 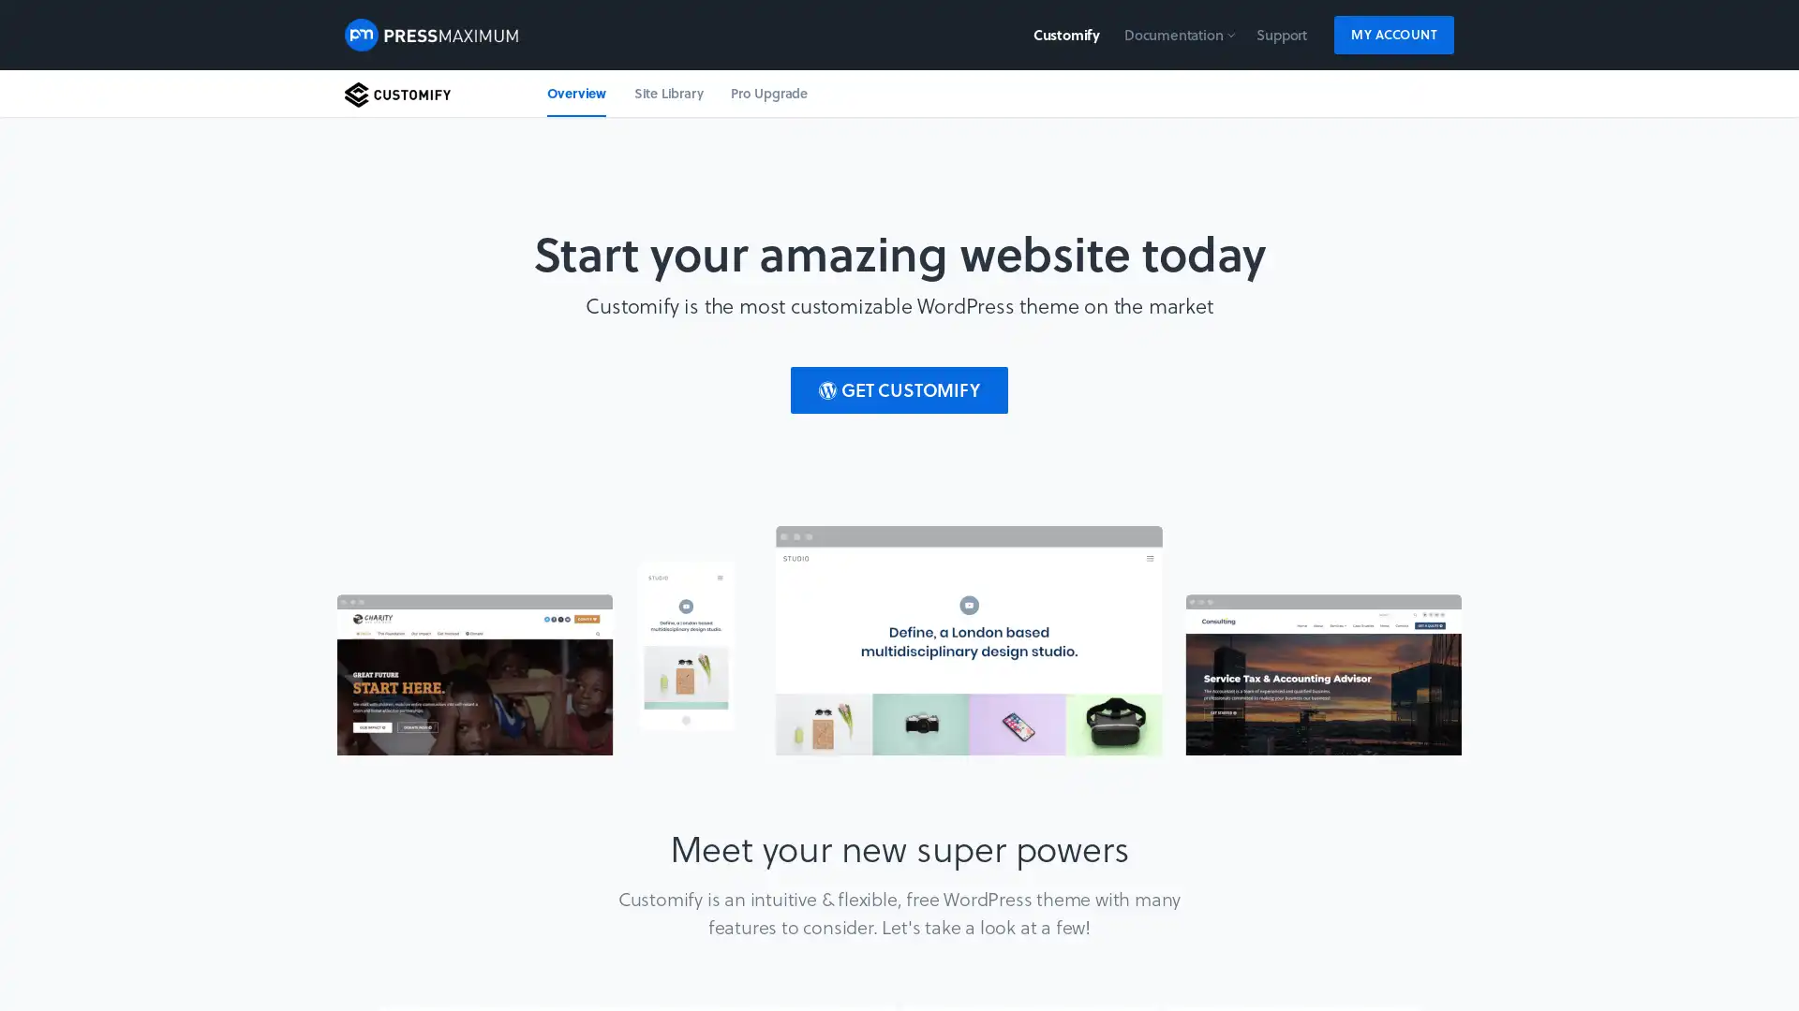 What do you see at coordinates (898, 388) in the screenshot?
I see `GET CUSTOMIFY` at bounding box center [898, 388].